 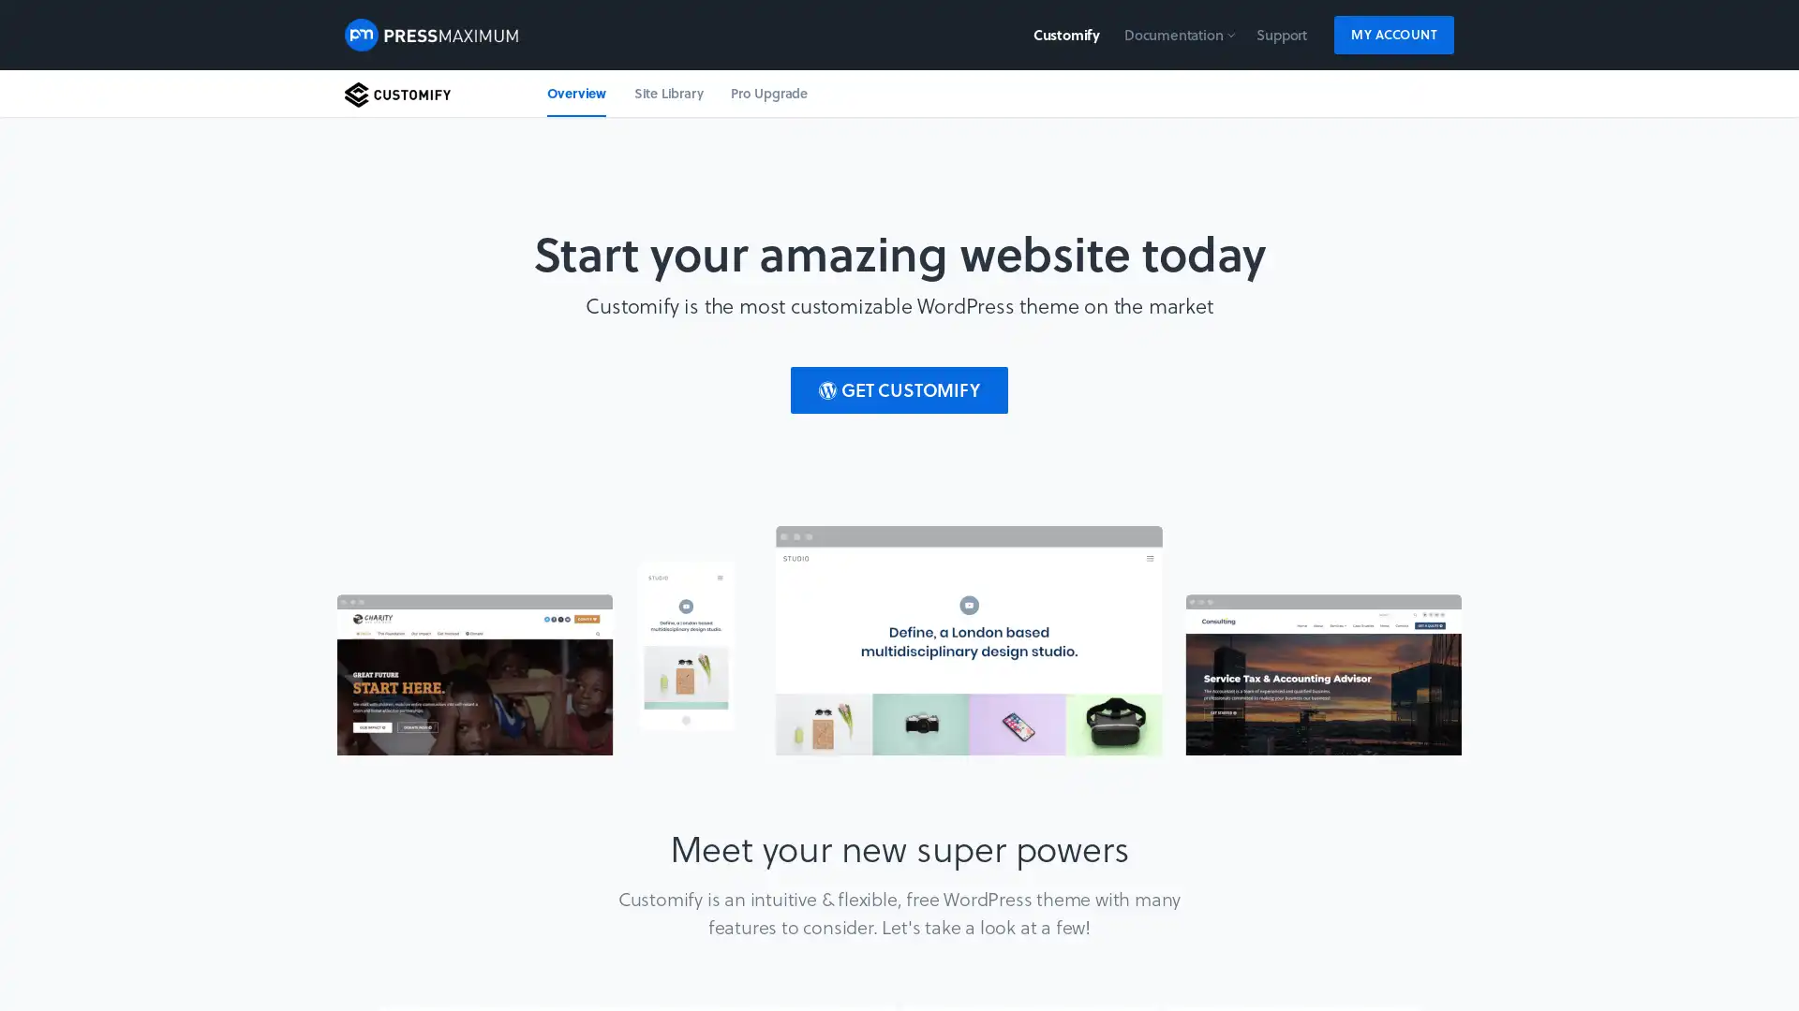 What do you see at coordinates (898, 388) in the screenshot?
I see `GET CUSTOMIFY` at bounding box center [898, 388].